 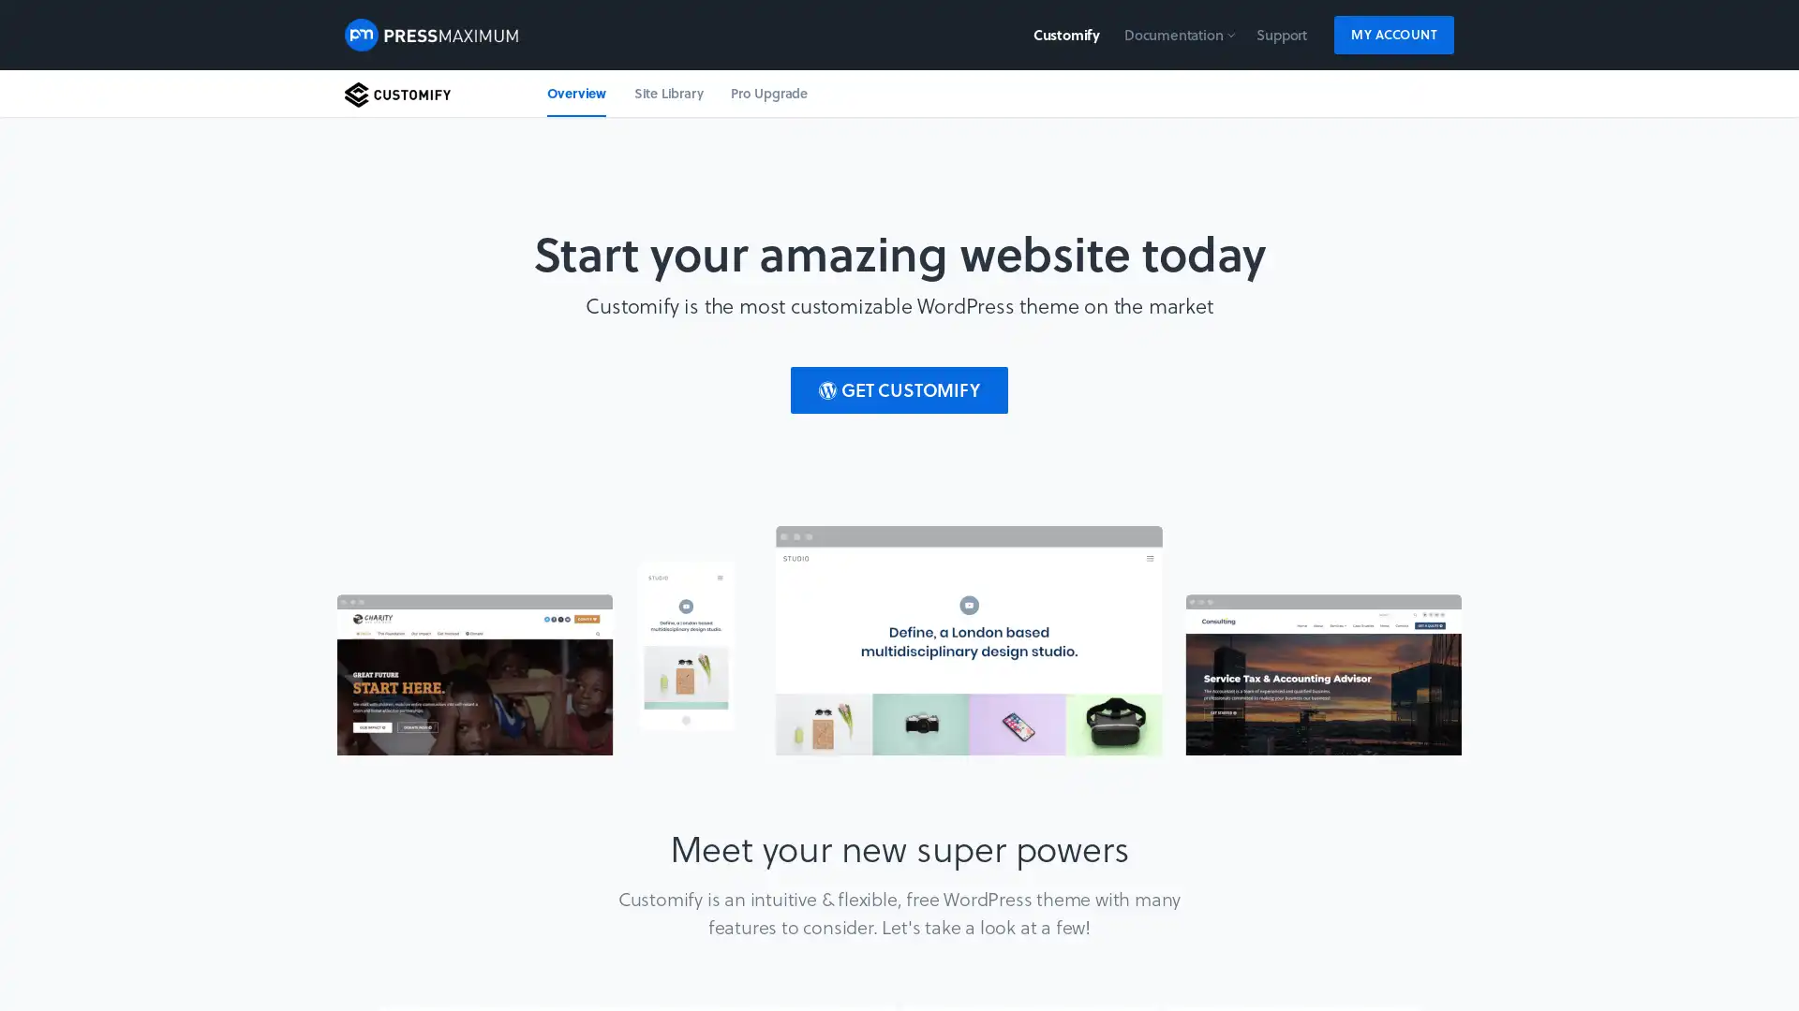 What do you see at coordinates (898, 388) in the screenshot?
I see `GET CUSTOMIFY` at bounding box center [898, 388].